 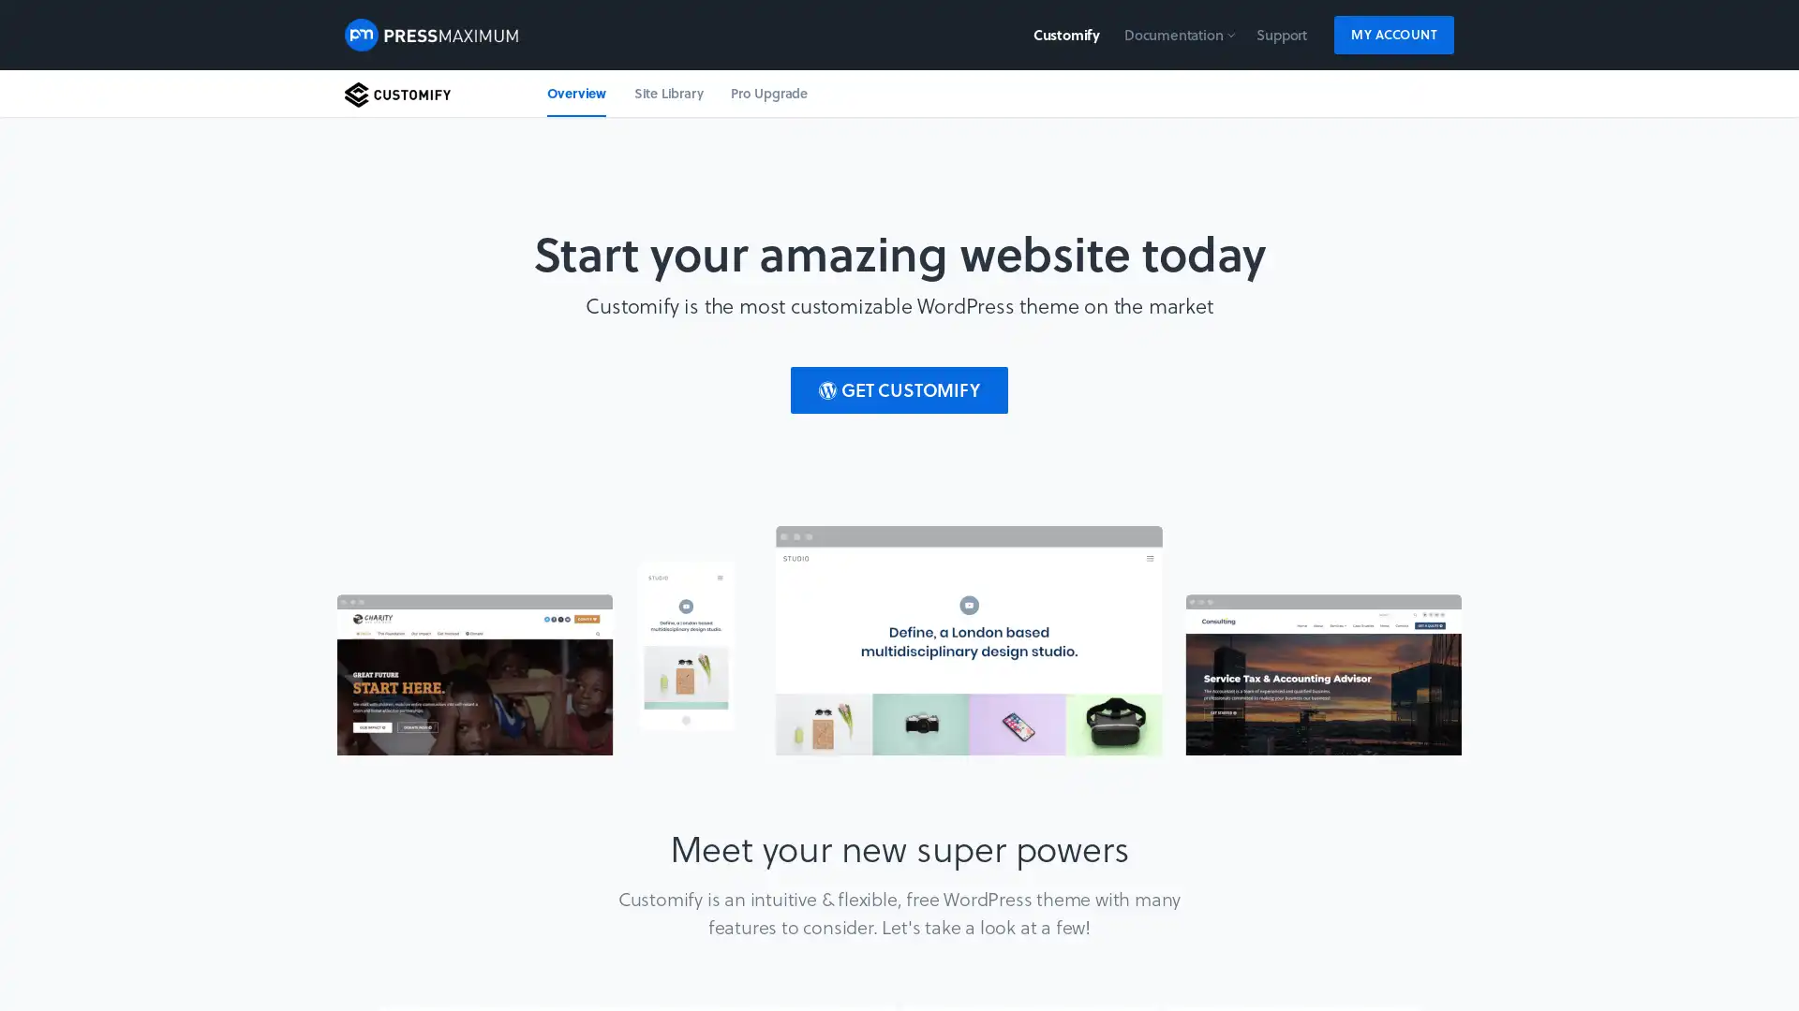 What do you see at coordinates (898, 388) in the screenshot?
I see `GET CUSTOMIFY` at bounding box center [898, 388].